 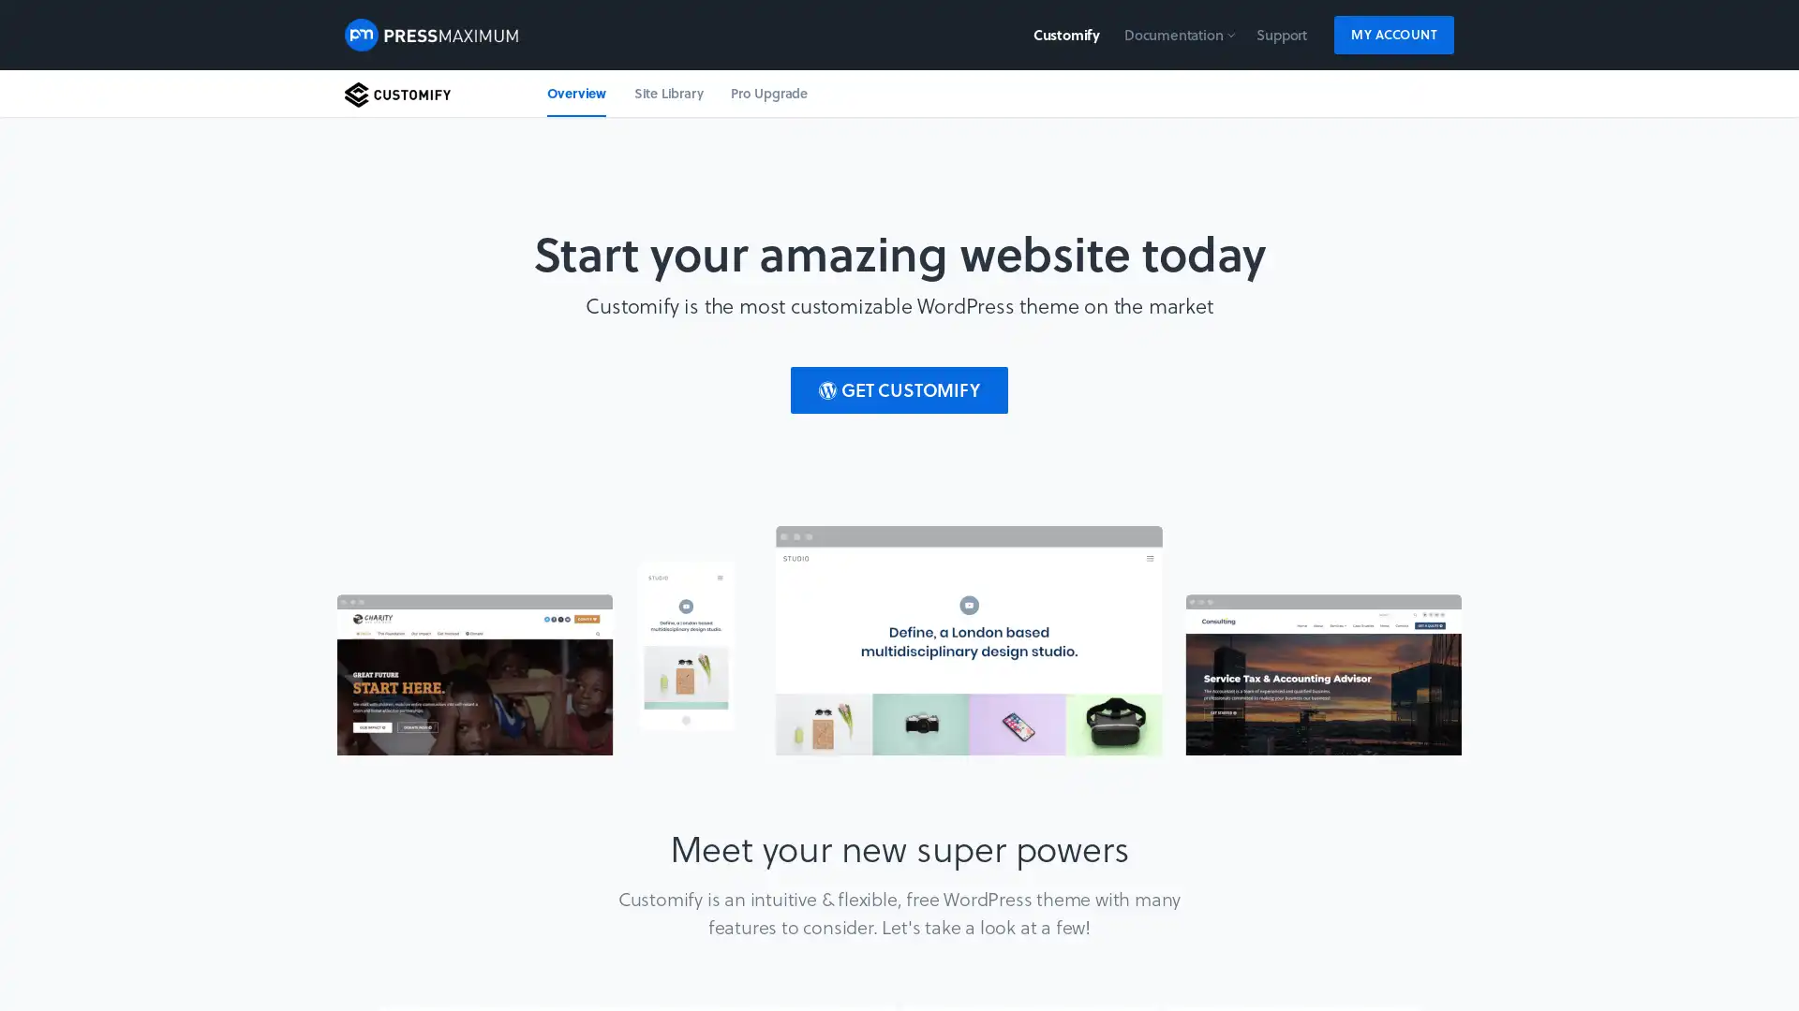 What do you see at coordinates (898, 388) in the screenshot?
I see `GET CUSTOMIFY` at bounding box center [898, 388].